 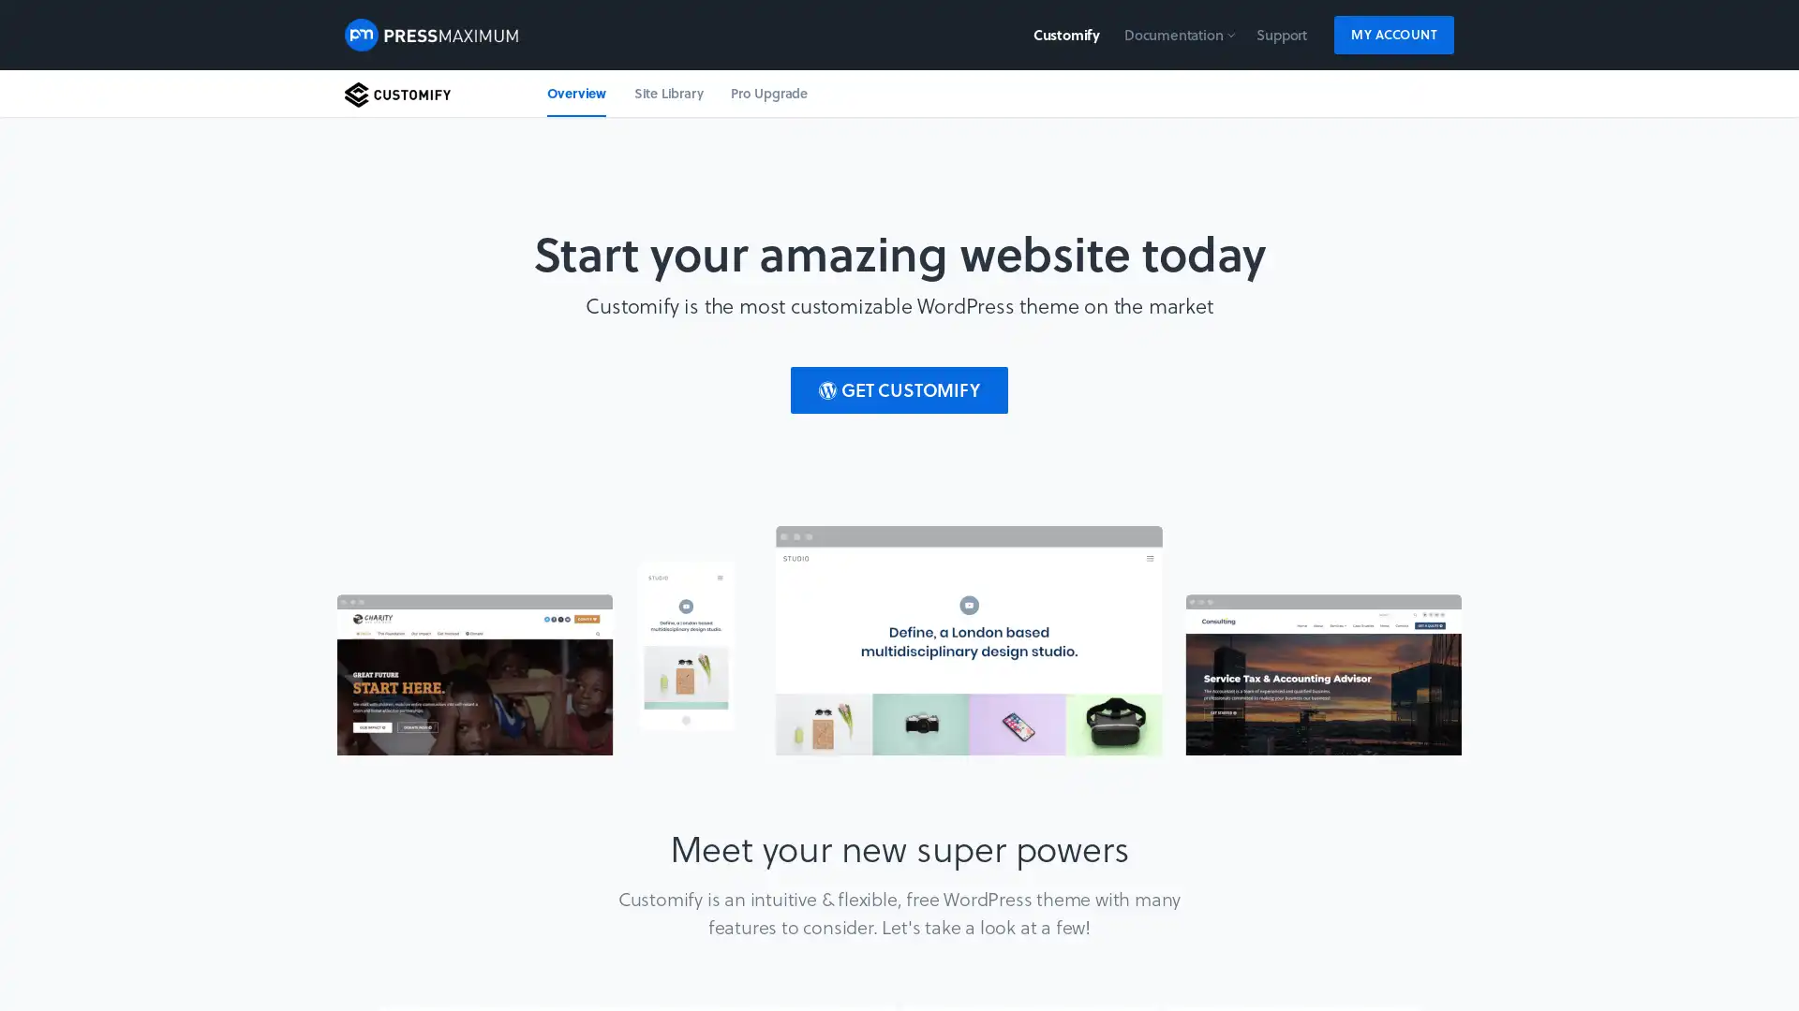 What do you see at coordinates (898, 388) in the screenshot?
I see `GET CUSTOMIFY` at bounding box center [898, 388].